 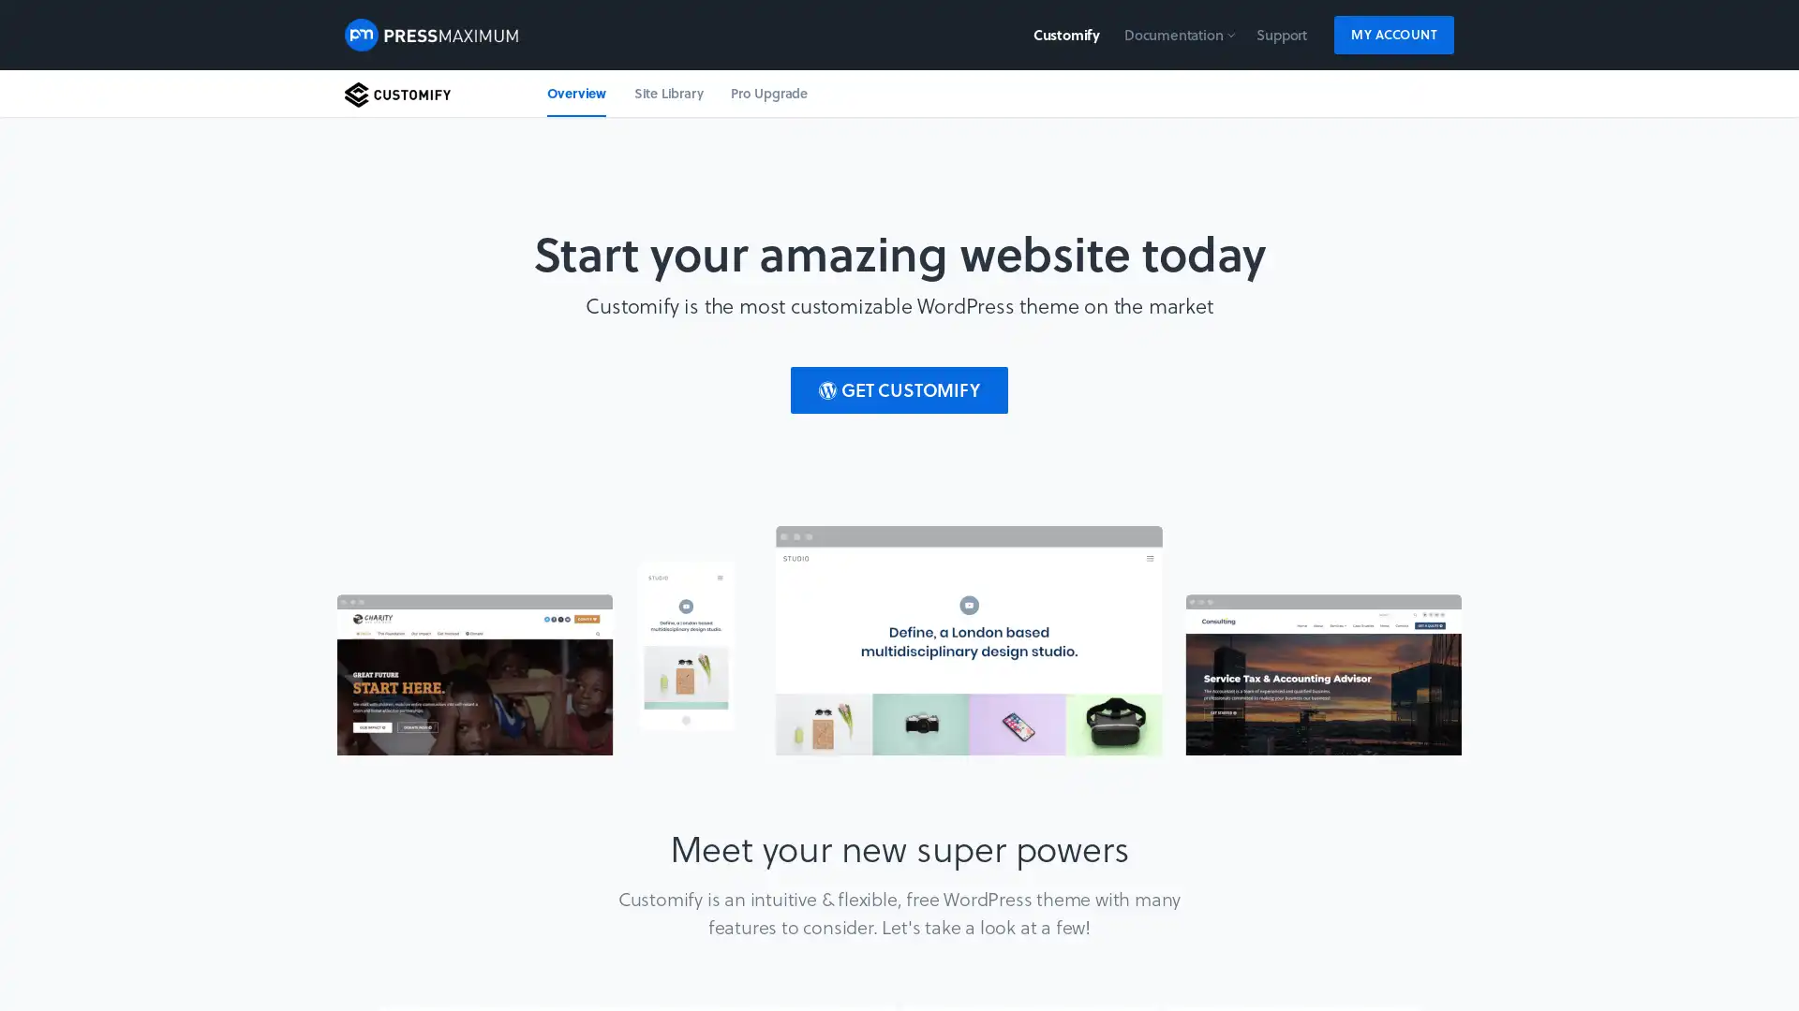 What do you see at coordinates (898, 388) in the screenshot?
I see `GET CUSTOMIFY` at bounding box center [898, 388].